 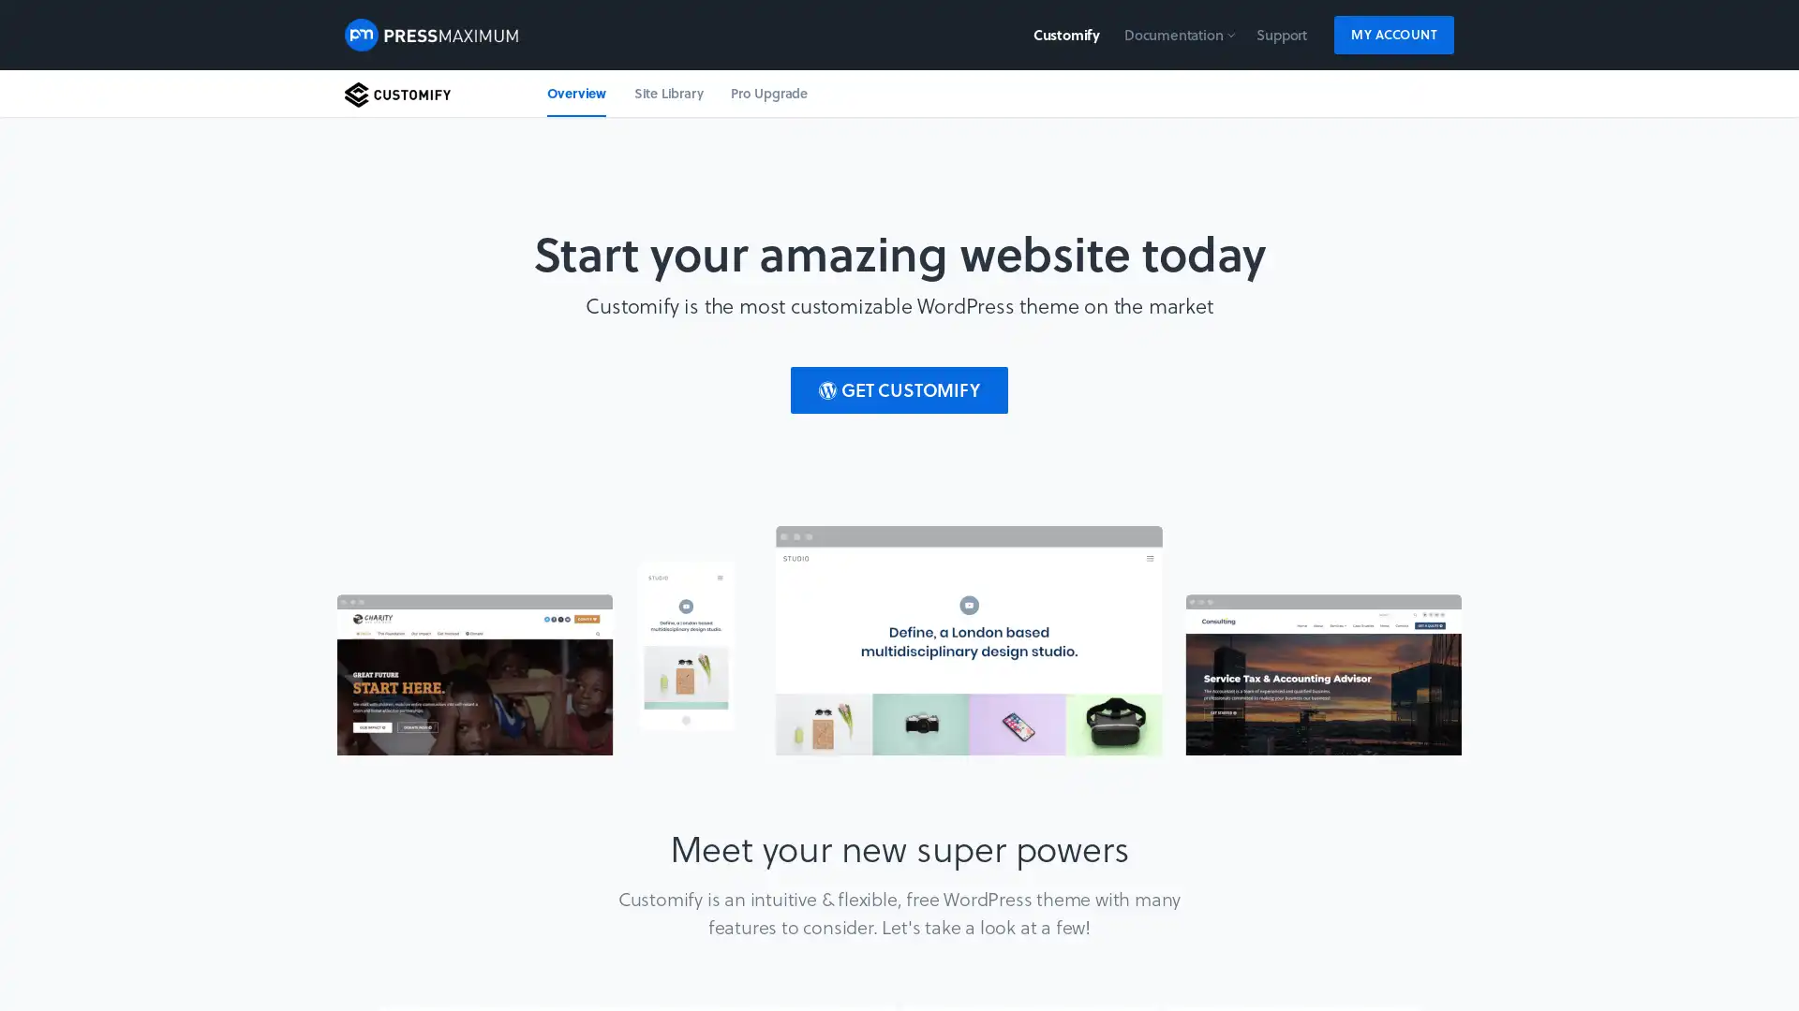 What do you see at coordinates (898, 388) in the screenshot?
I see `GET CUSTOMIFY` at bounding box center [898, 388].